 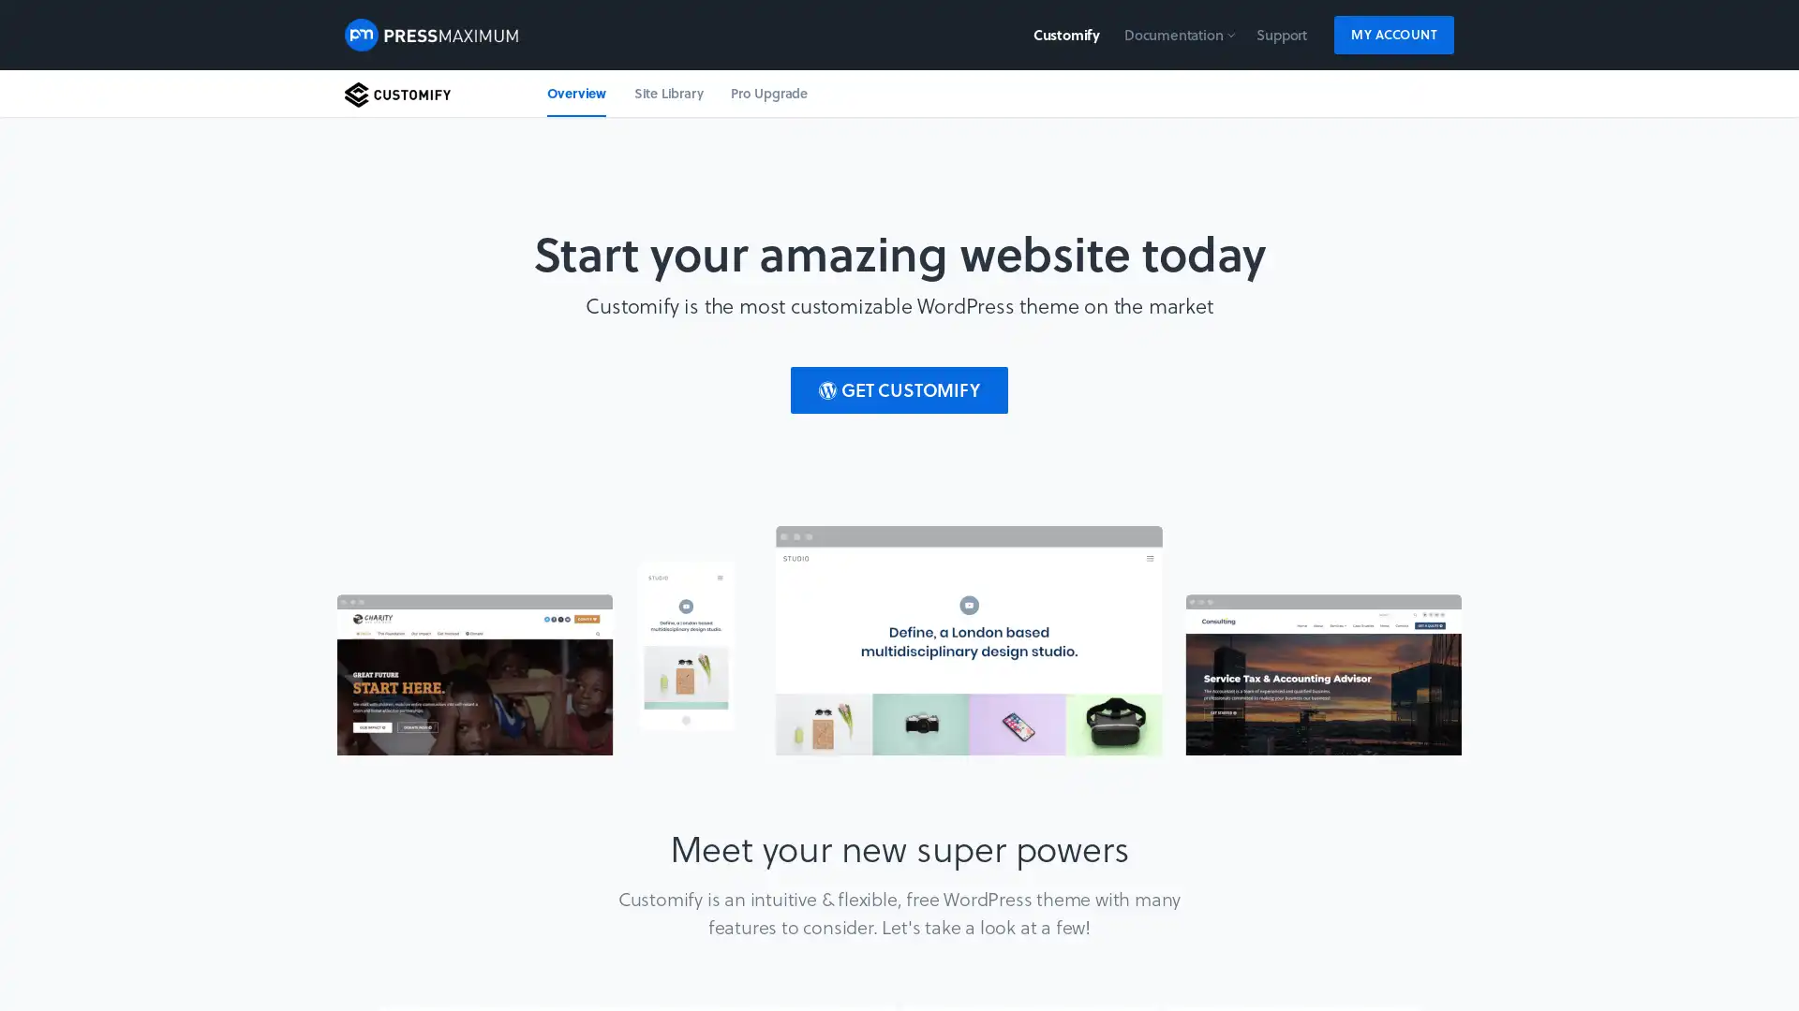 What do you see at coordinates (898, 388) in the screenshot?
I see `GET CUSTOMIFY` at bounding box center [898, 388].